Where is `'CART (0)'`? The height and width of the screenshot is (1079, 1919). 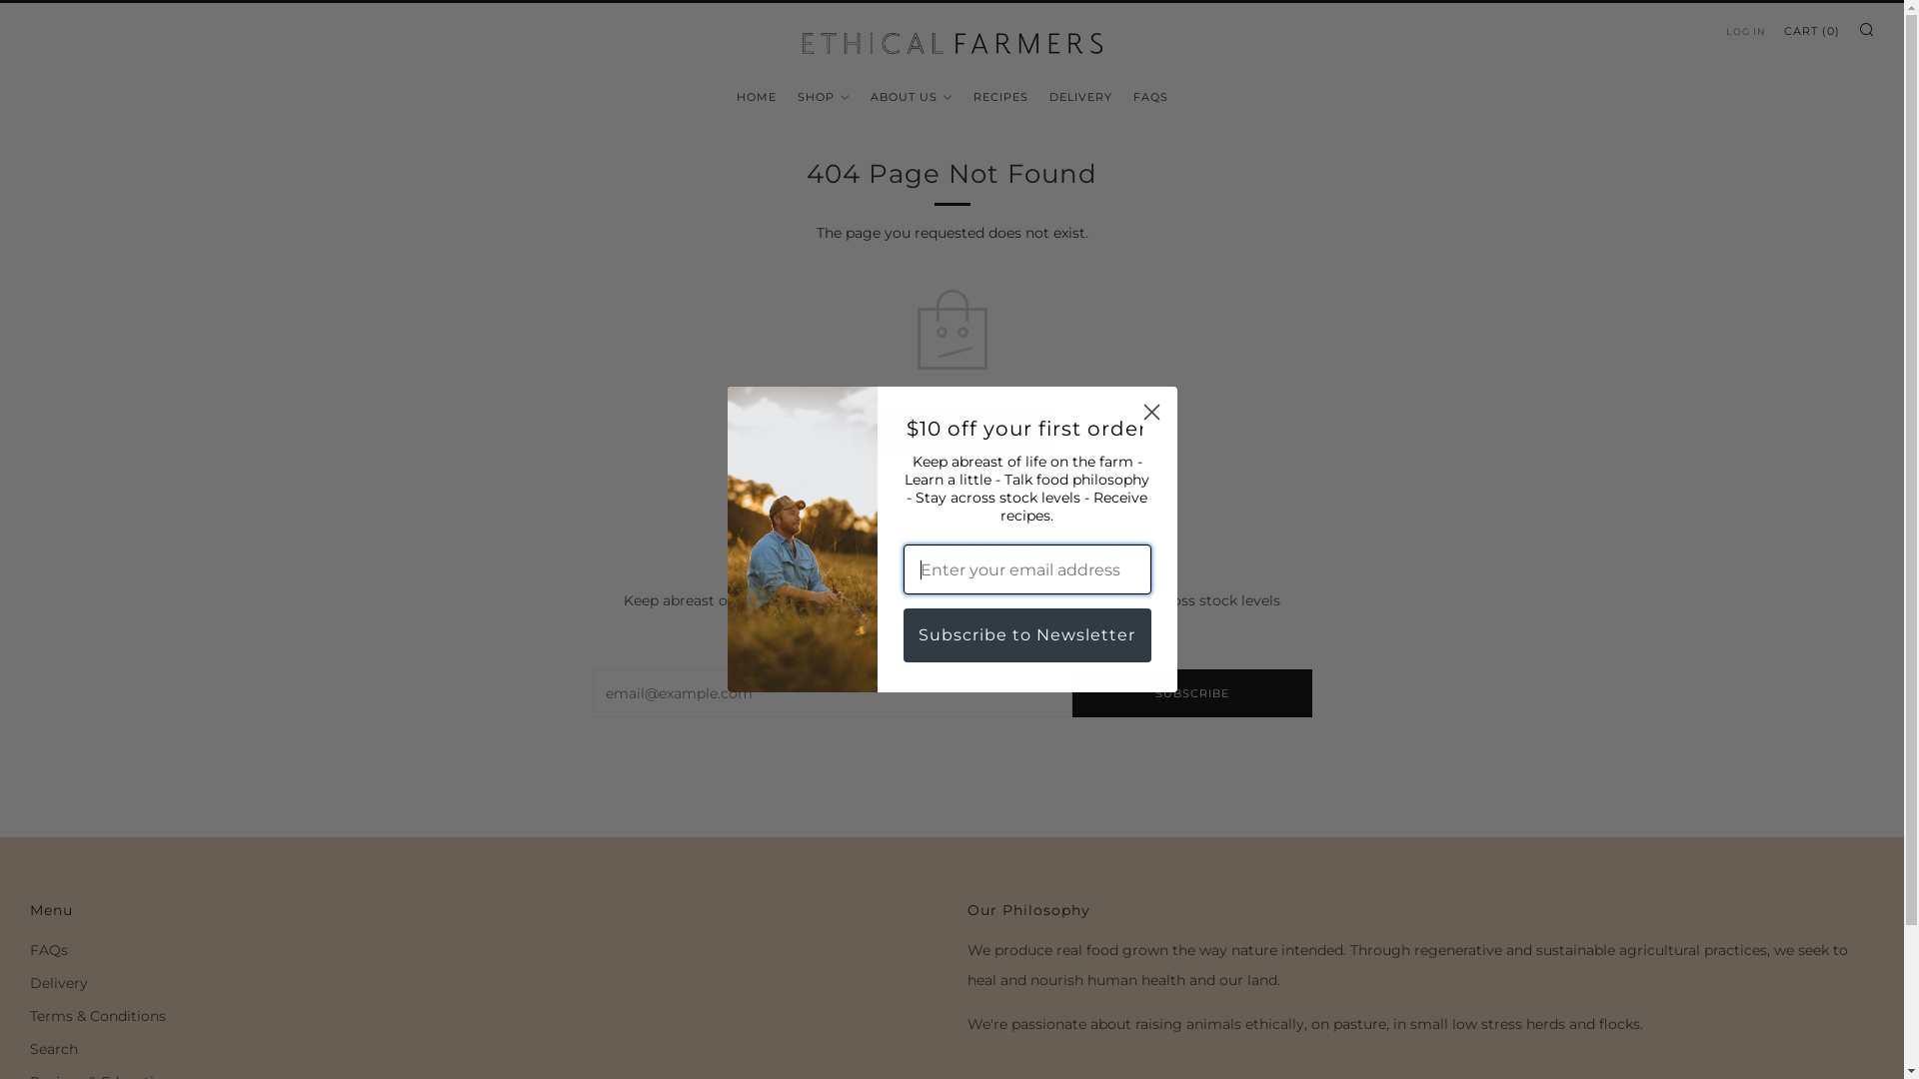 'CART (0)' is located at coordinates (1812, 30).